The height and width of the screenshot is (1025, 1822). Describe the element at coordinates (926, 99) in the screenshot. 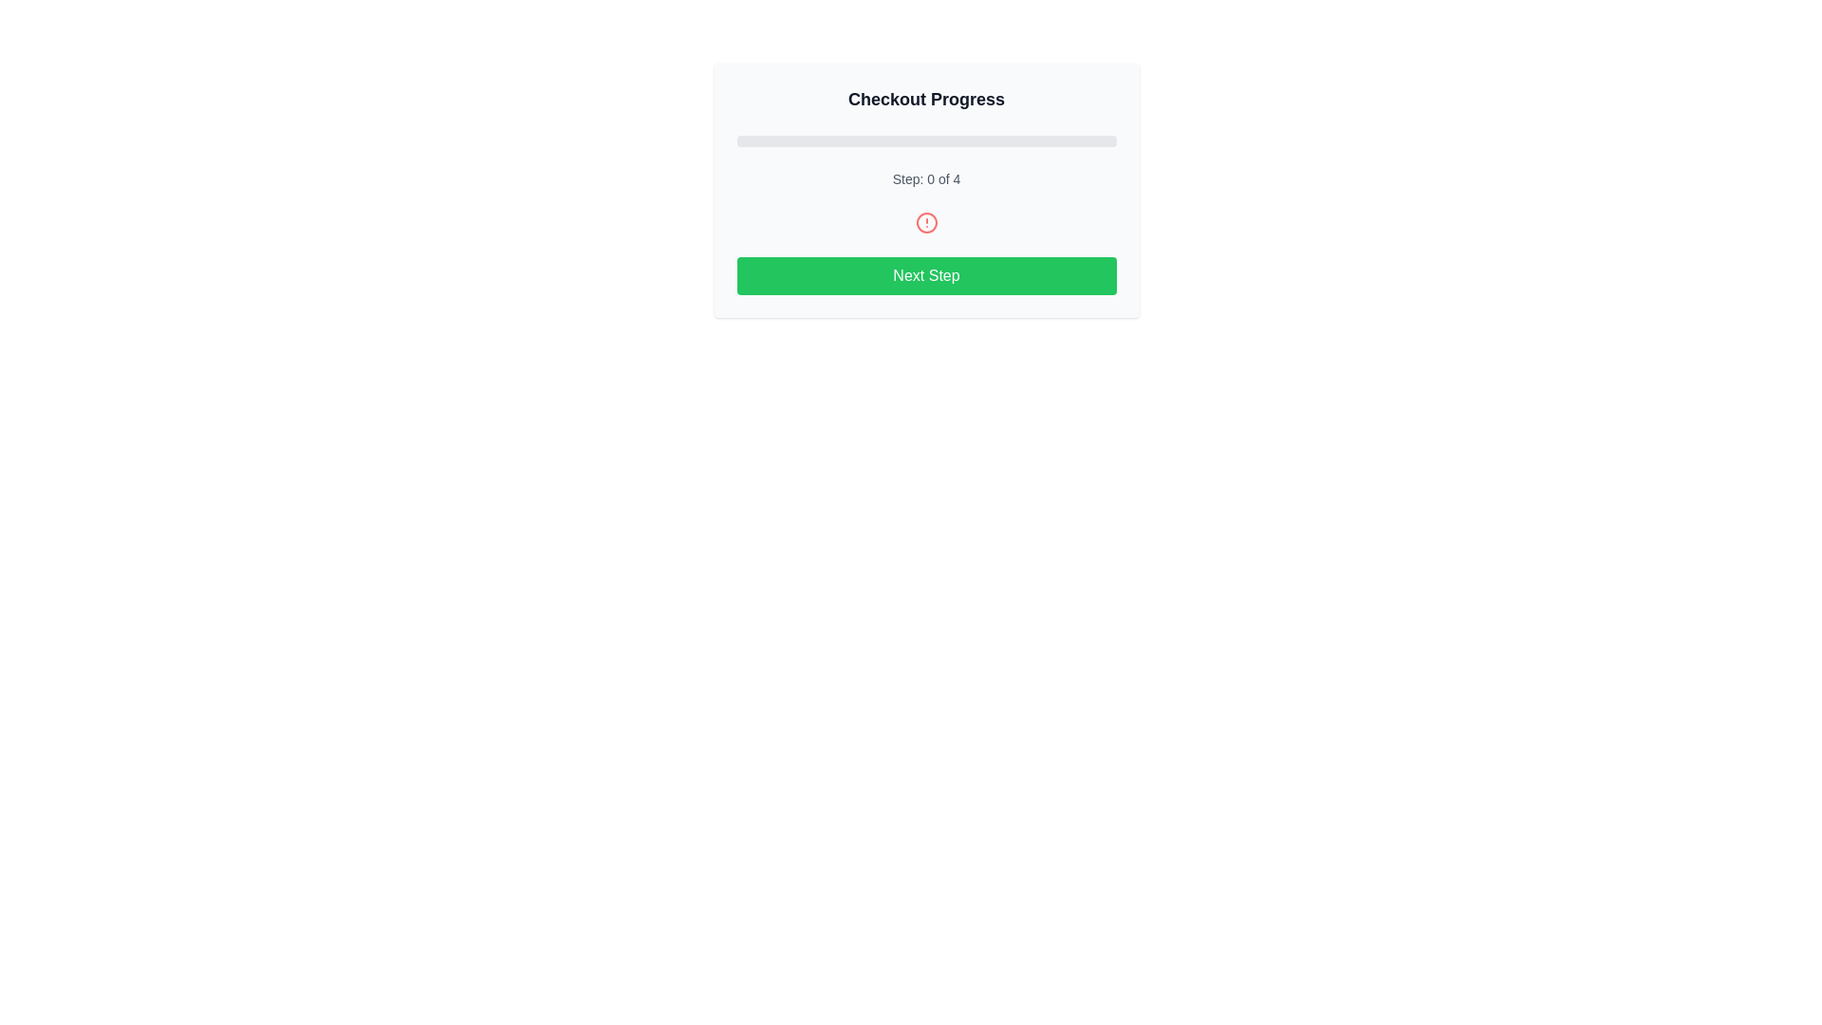

I see `bold, centered text 'Checkout Progress' located at the top of the card-like interface` at that location.